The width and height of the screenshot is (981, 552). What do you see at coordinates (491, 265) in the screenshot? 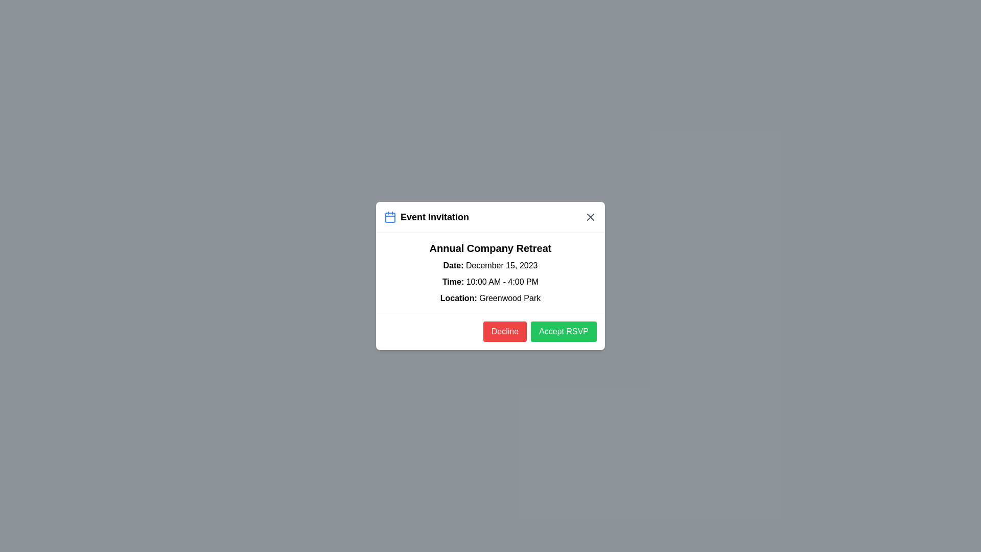
I see `the static text display showing the event date within the 'Event Invitation' dialog box, which is located above the time information` at bounding box center [491, 265].